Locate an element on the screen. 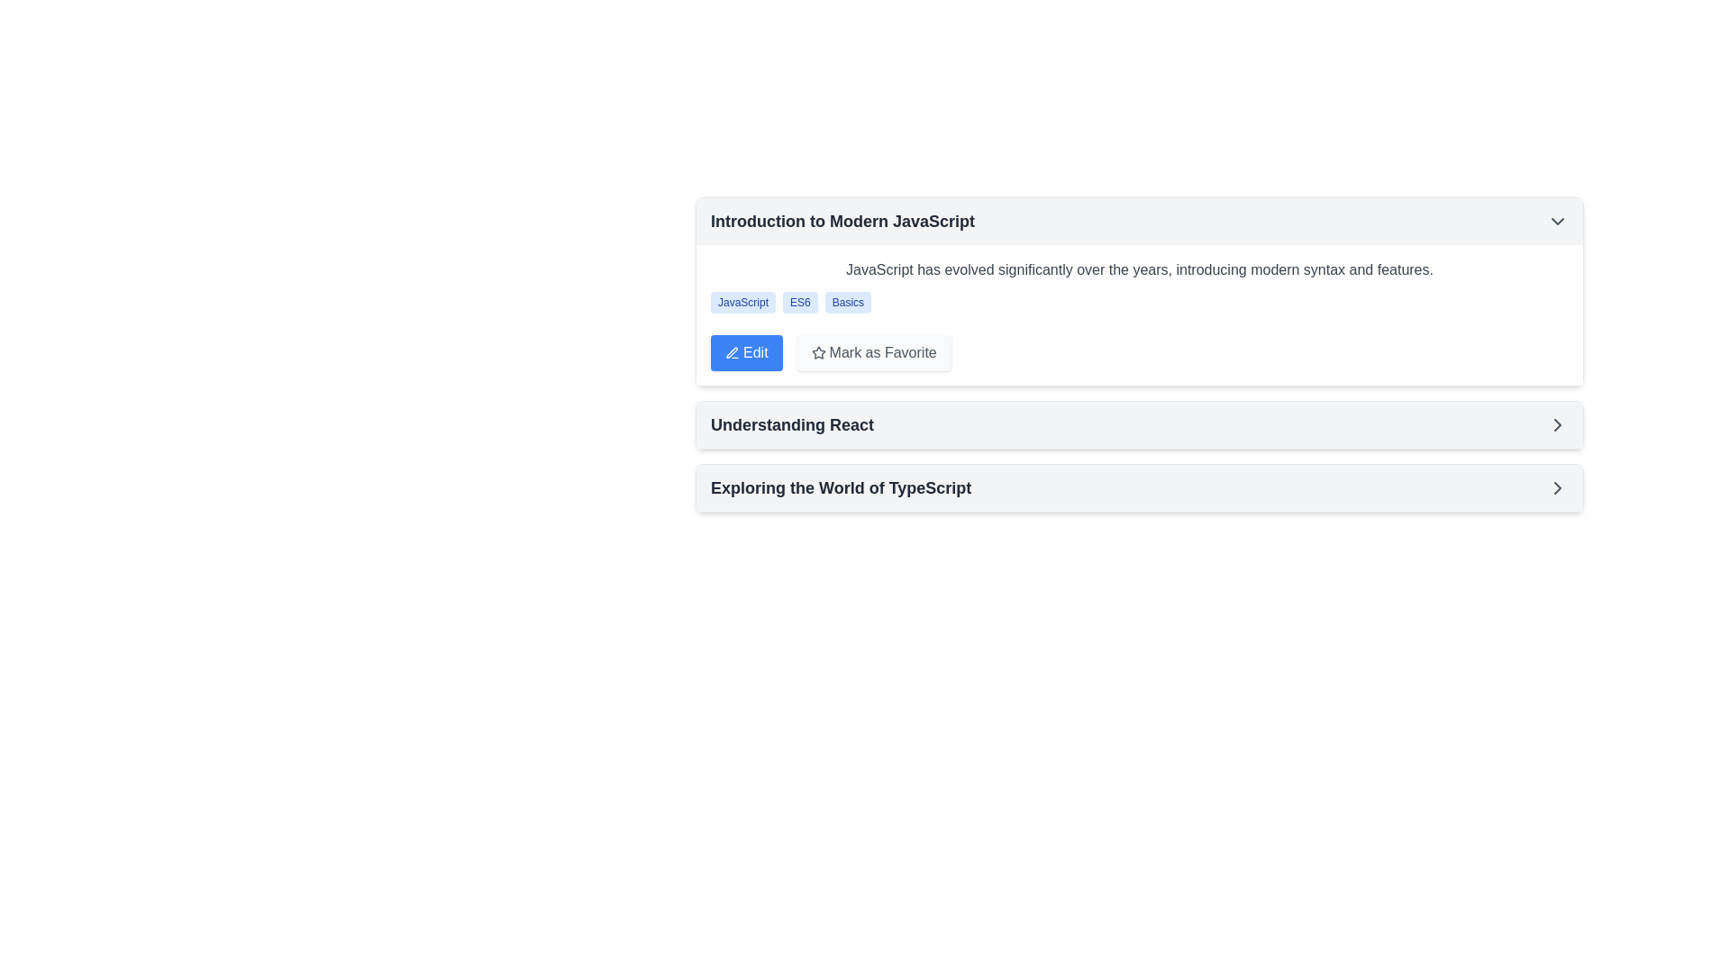 Image resolution: width=1730 pixels, height=973 pixels. the navigation link labeled 'Exploring the World of TypeScript' located in the 'Understanding React' section, below 'Introduction to Modern JavaScript' is located at coordinates (1139, 488).